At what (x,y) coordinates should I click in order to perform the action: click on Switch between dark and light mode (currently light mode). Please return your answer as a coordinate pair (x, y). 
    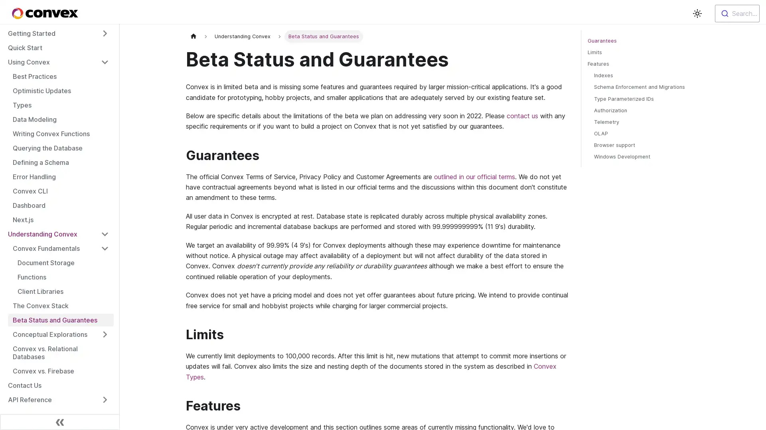
    Looking at the image, I should click on (697, 14).